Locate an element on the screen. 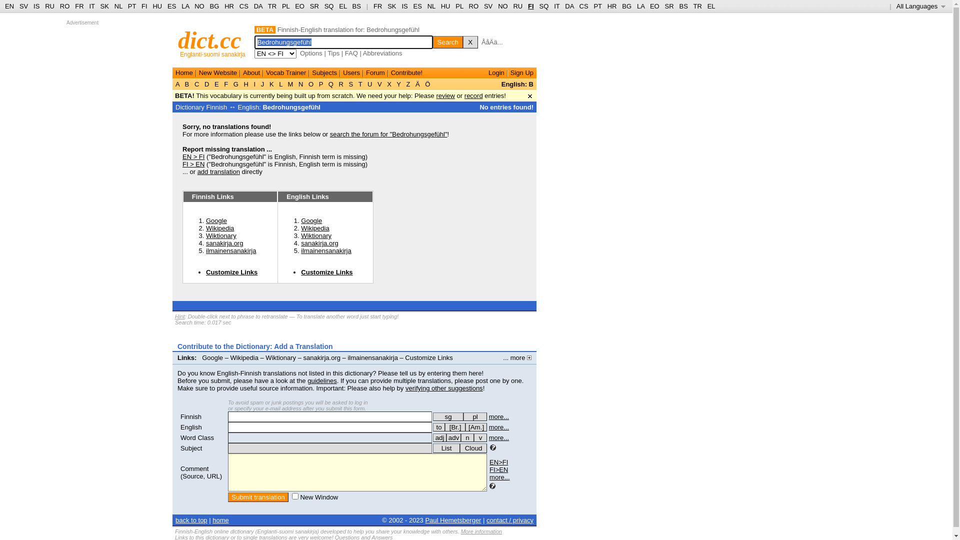  'NL' is located at coordinates (427, 6).